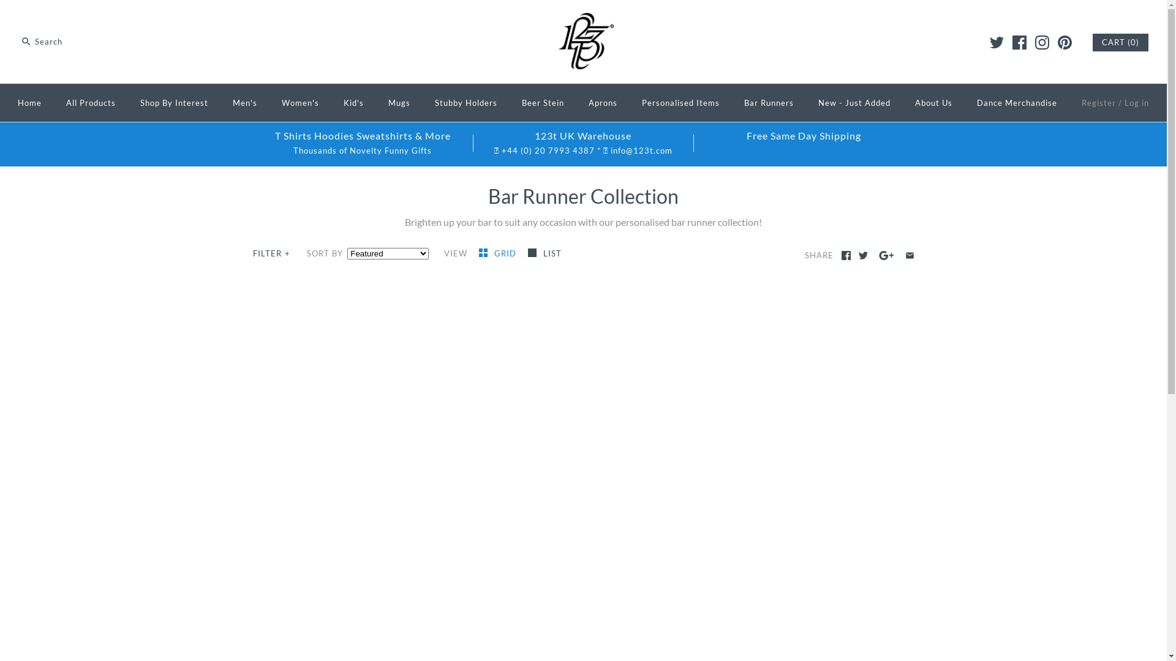 This screenshot has height=661, width=1176. What do you see at coordinates (90, 102) in the screenshot?
I see `'All Products'` at bounding box center [90, 102].